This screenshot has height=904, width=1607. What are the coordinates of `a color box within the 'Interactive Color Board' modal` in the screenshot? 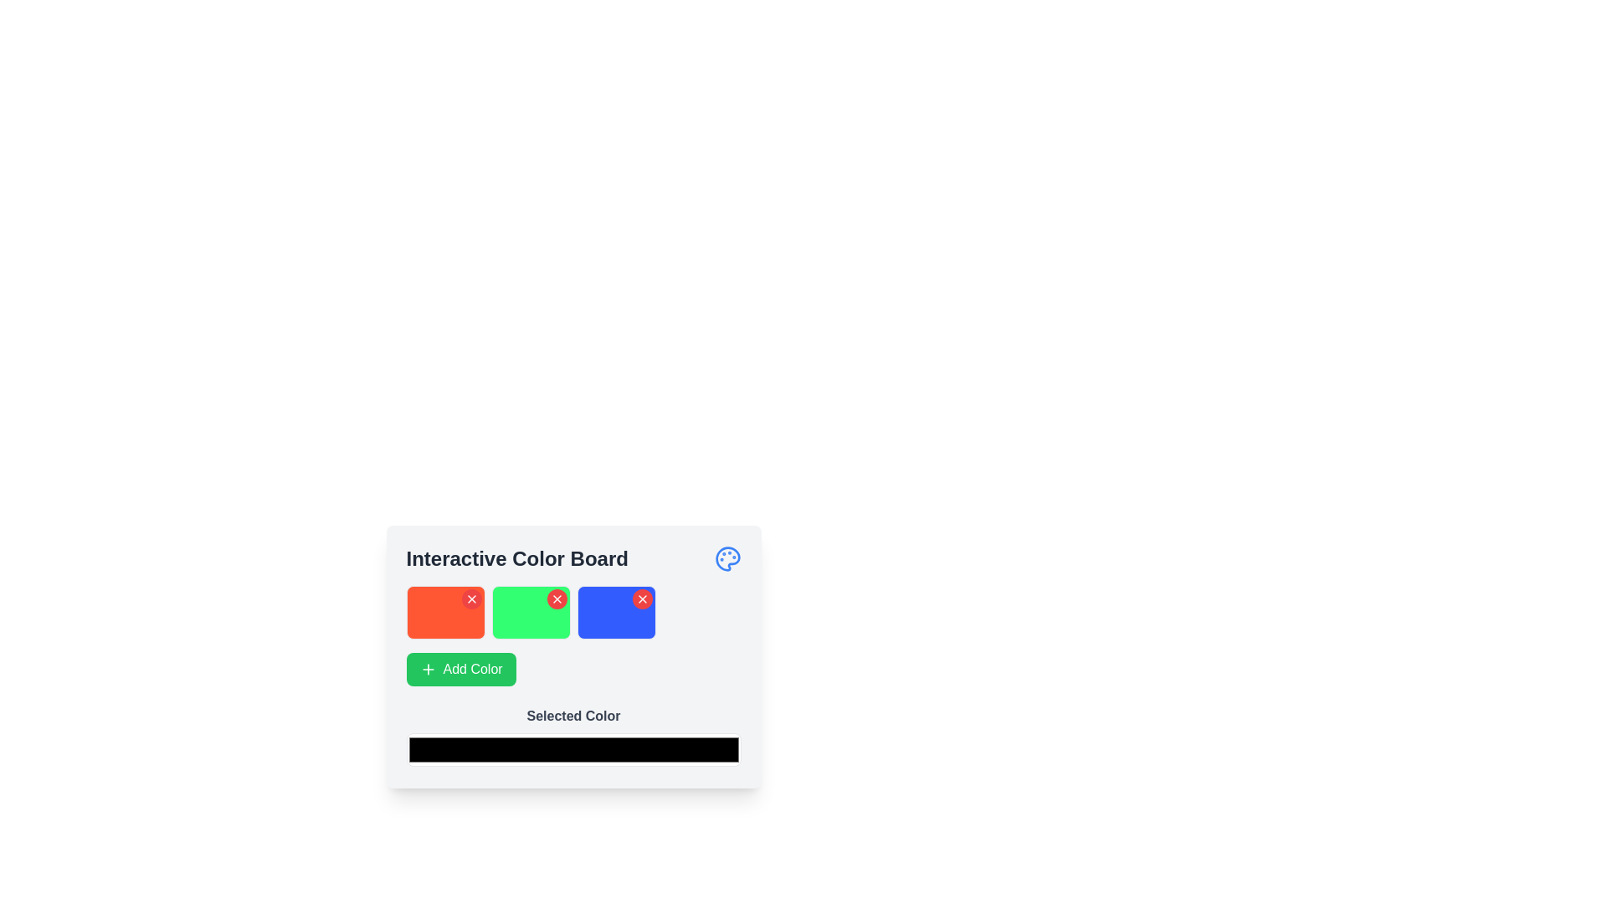 It's located at (573, 675).